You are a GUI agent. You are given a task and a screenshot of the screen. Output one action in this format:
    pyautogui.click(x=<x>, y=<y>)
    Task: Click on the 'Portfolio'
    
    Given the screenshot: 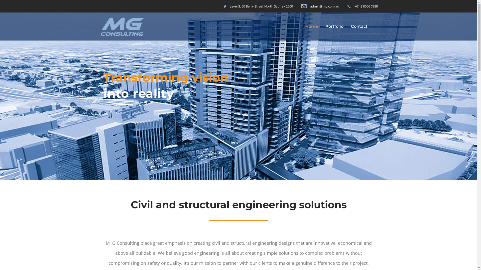 What is the action you would take?
    pyautogui.click(x=334, y=26)
    